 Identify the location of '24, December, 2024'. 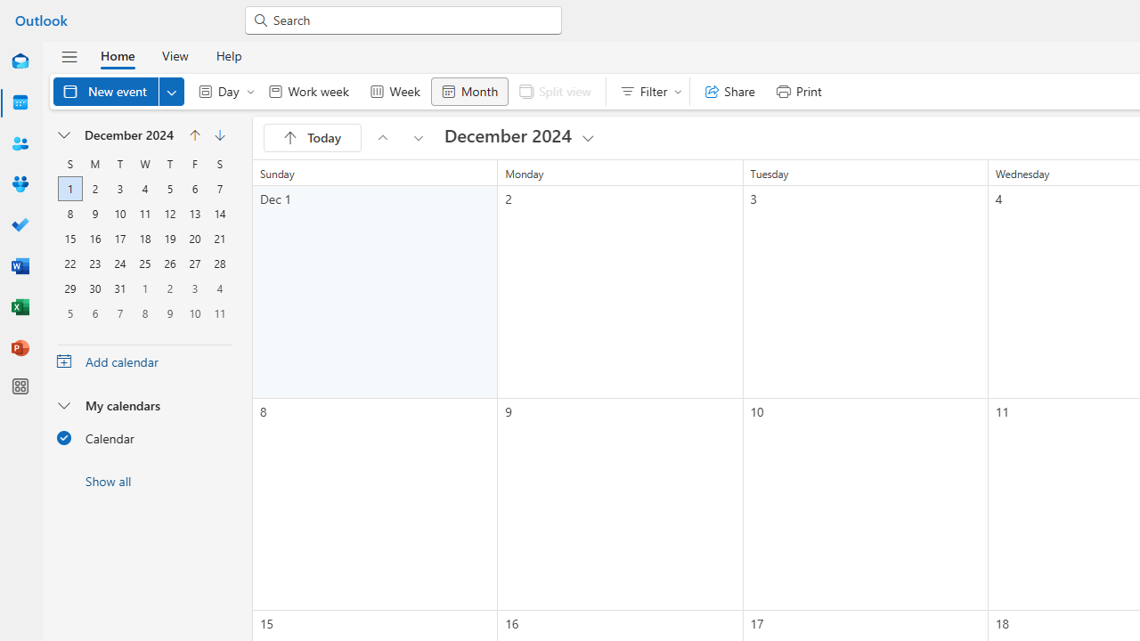
(119, 264).